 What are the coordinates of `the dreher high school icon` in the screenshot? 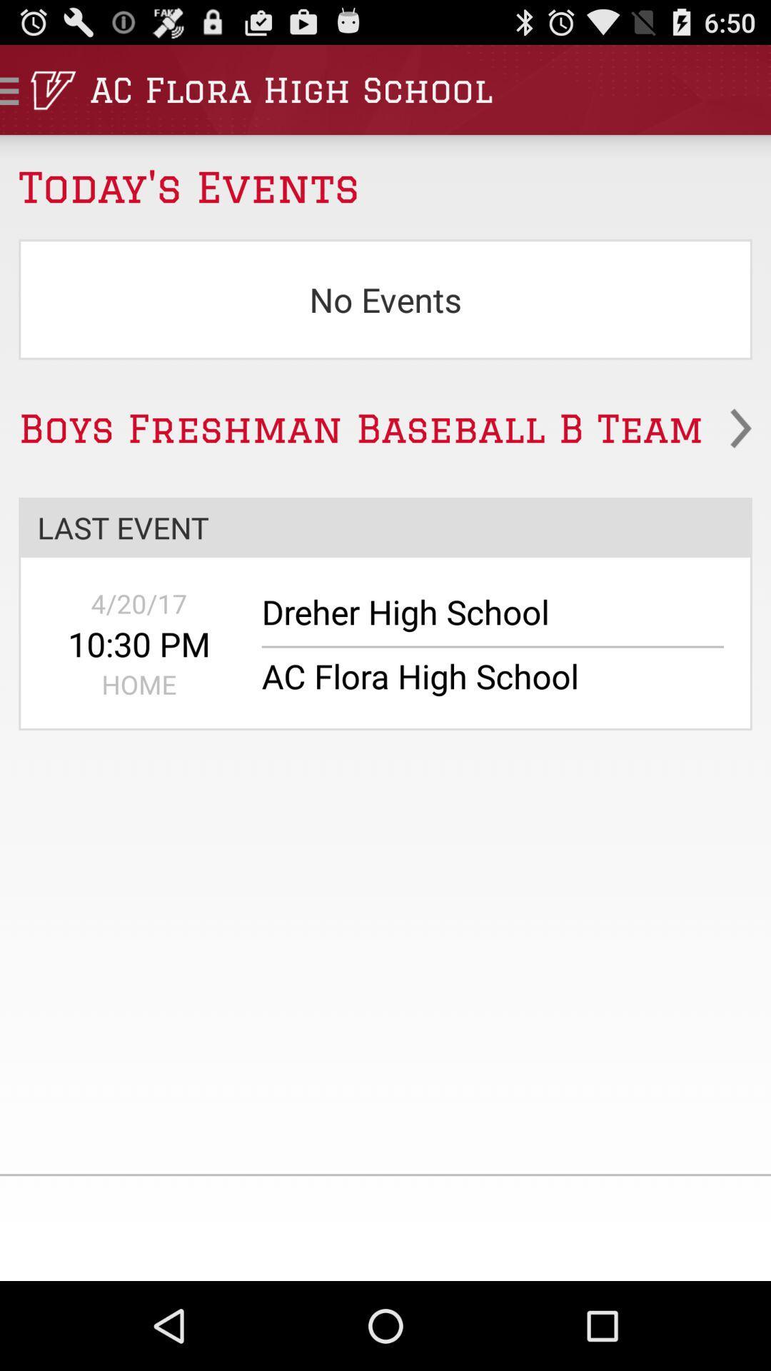 It's located at (483, 619).